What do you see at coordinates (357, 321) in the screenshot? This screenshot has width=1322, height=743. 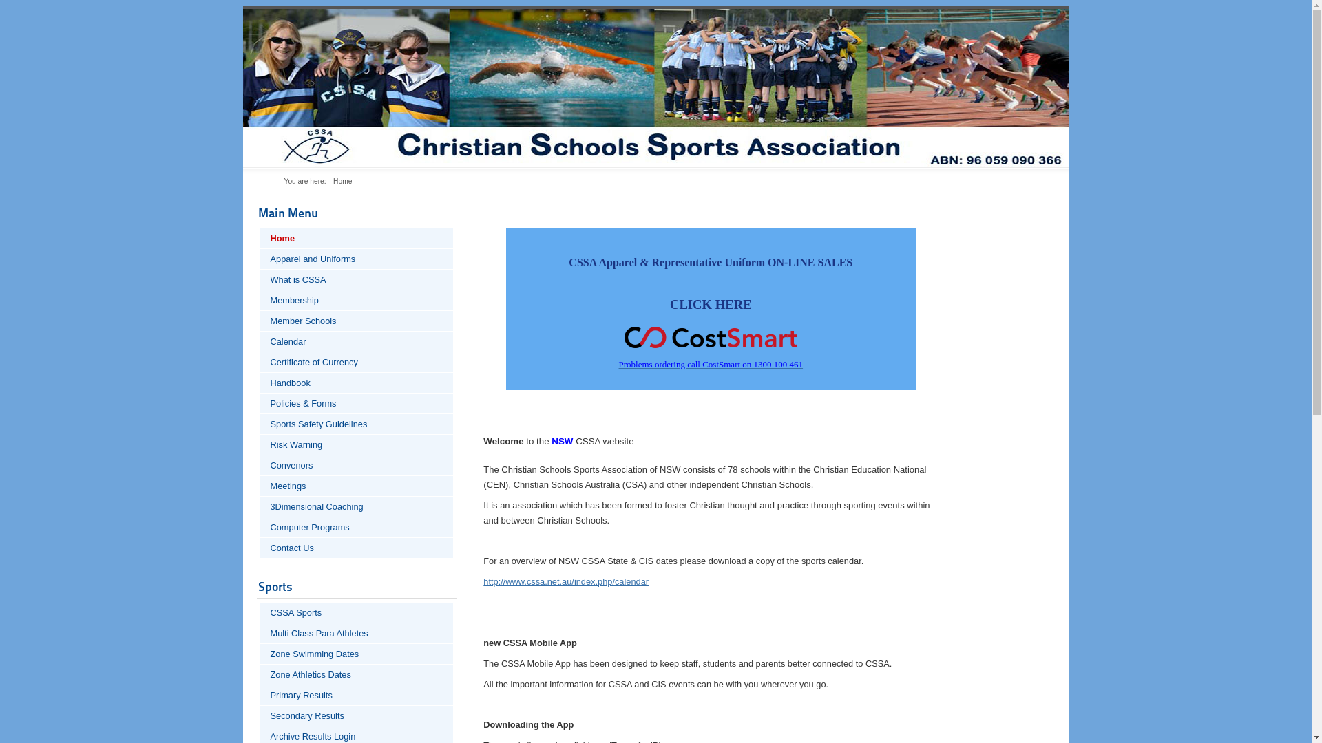 I see `'Member Schools'` at bounding box center [357, 321].